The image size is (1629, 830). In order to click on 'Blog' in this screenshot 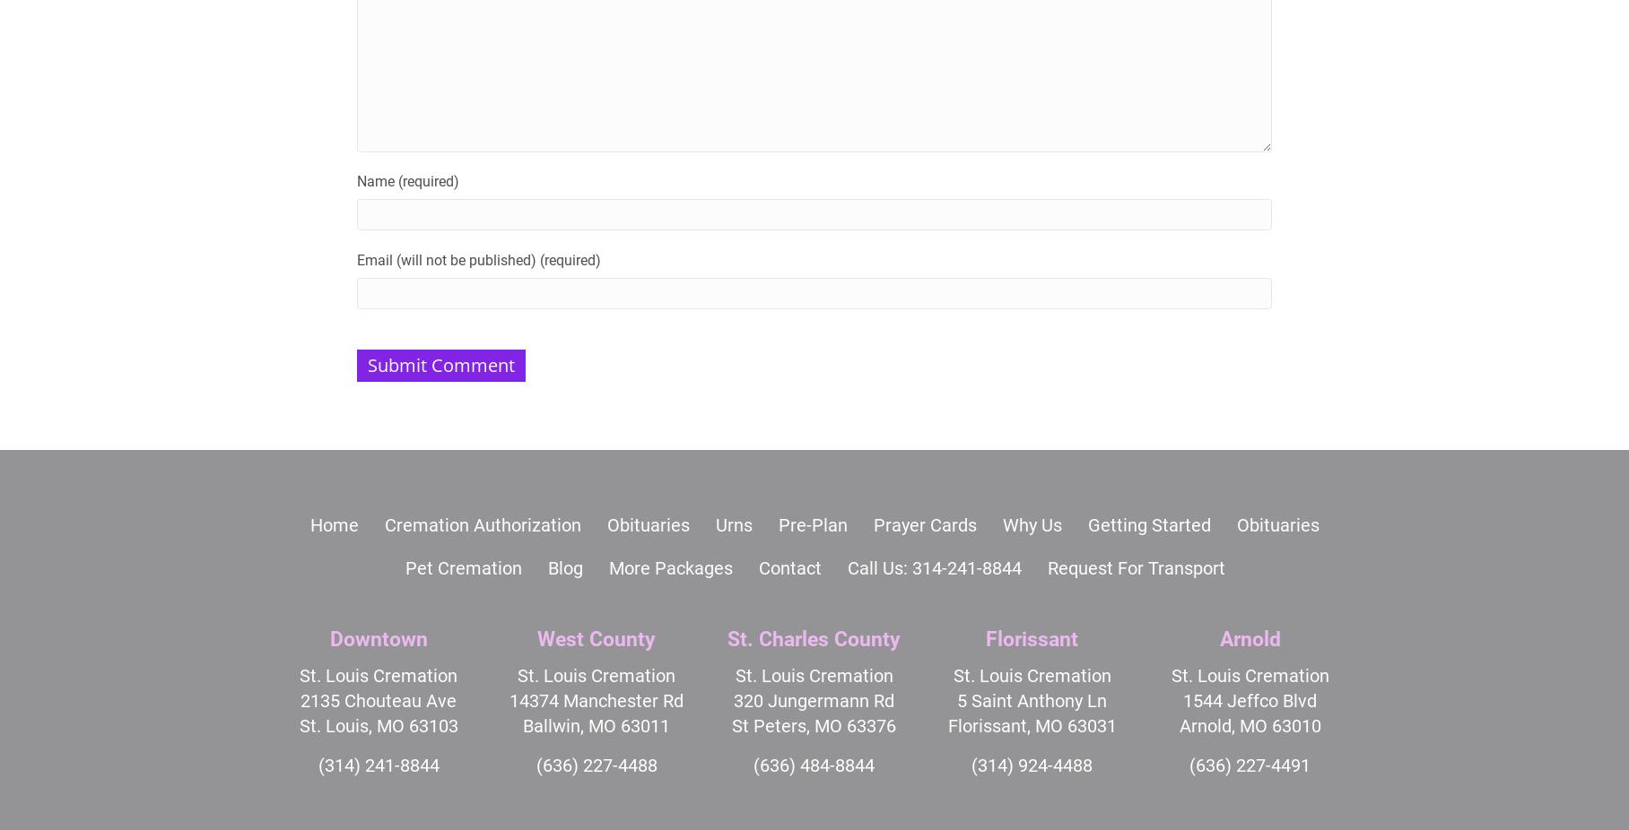, I will do `click(564, 566)`.